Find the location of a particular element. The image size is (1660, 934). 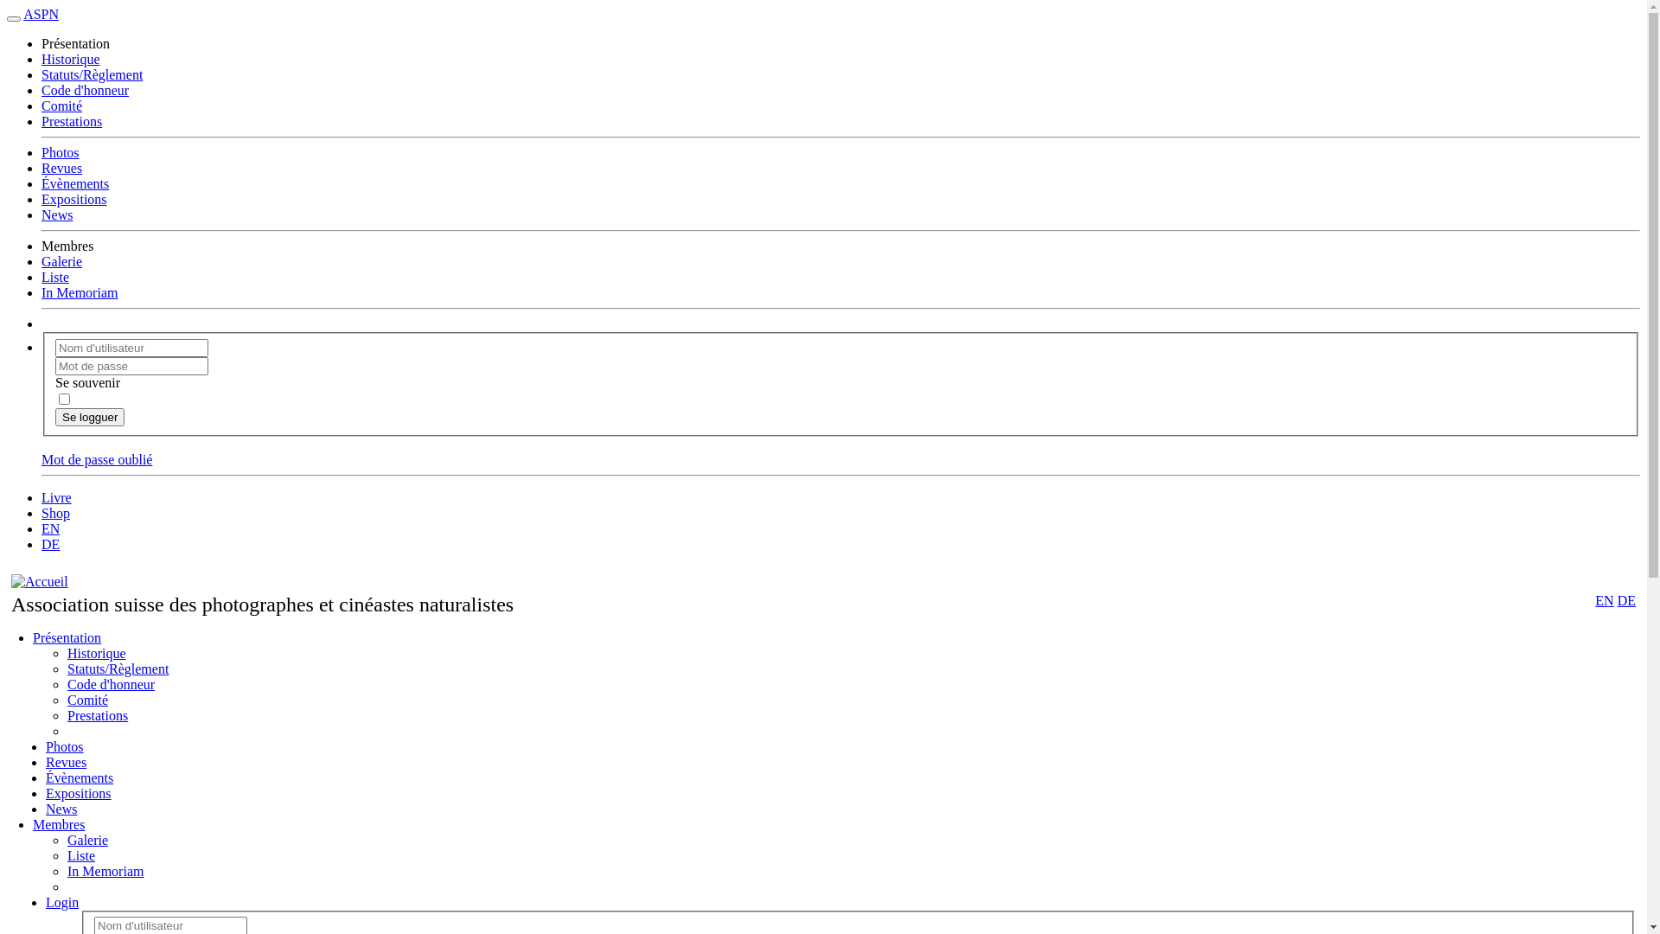

'DE' is located at coordinates (1617, 599).